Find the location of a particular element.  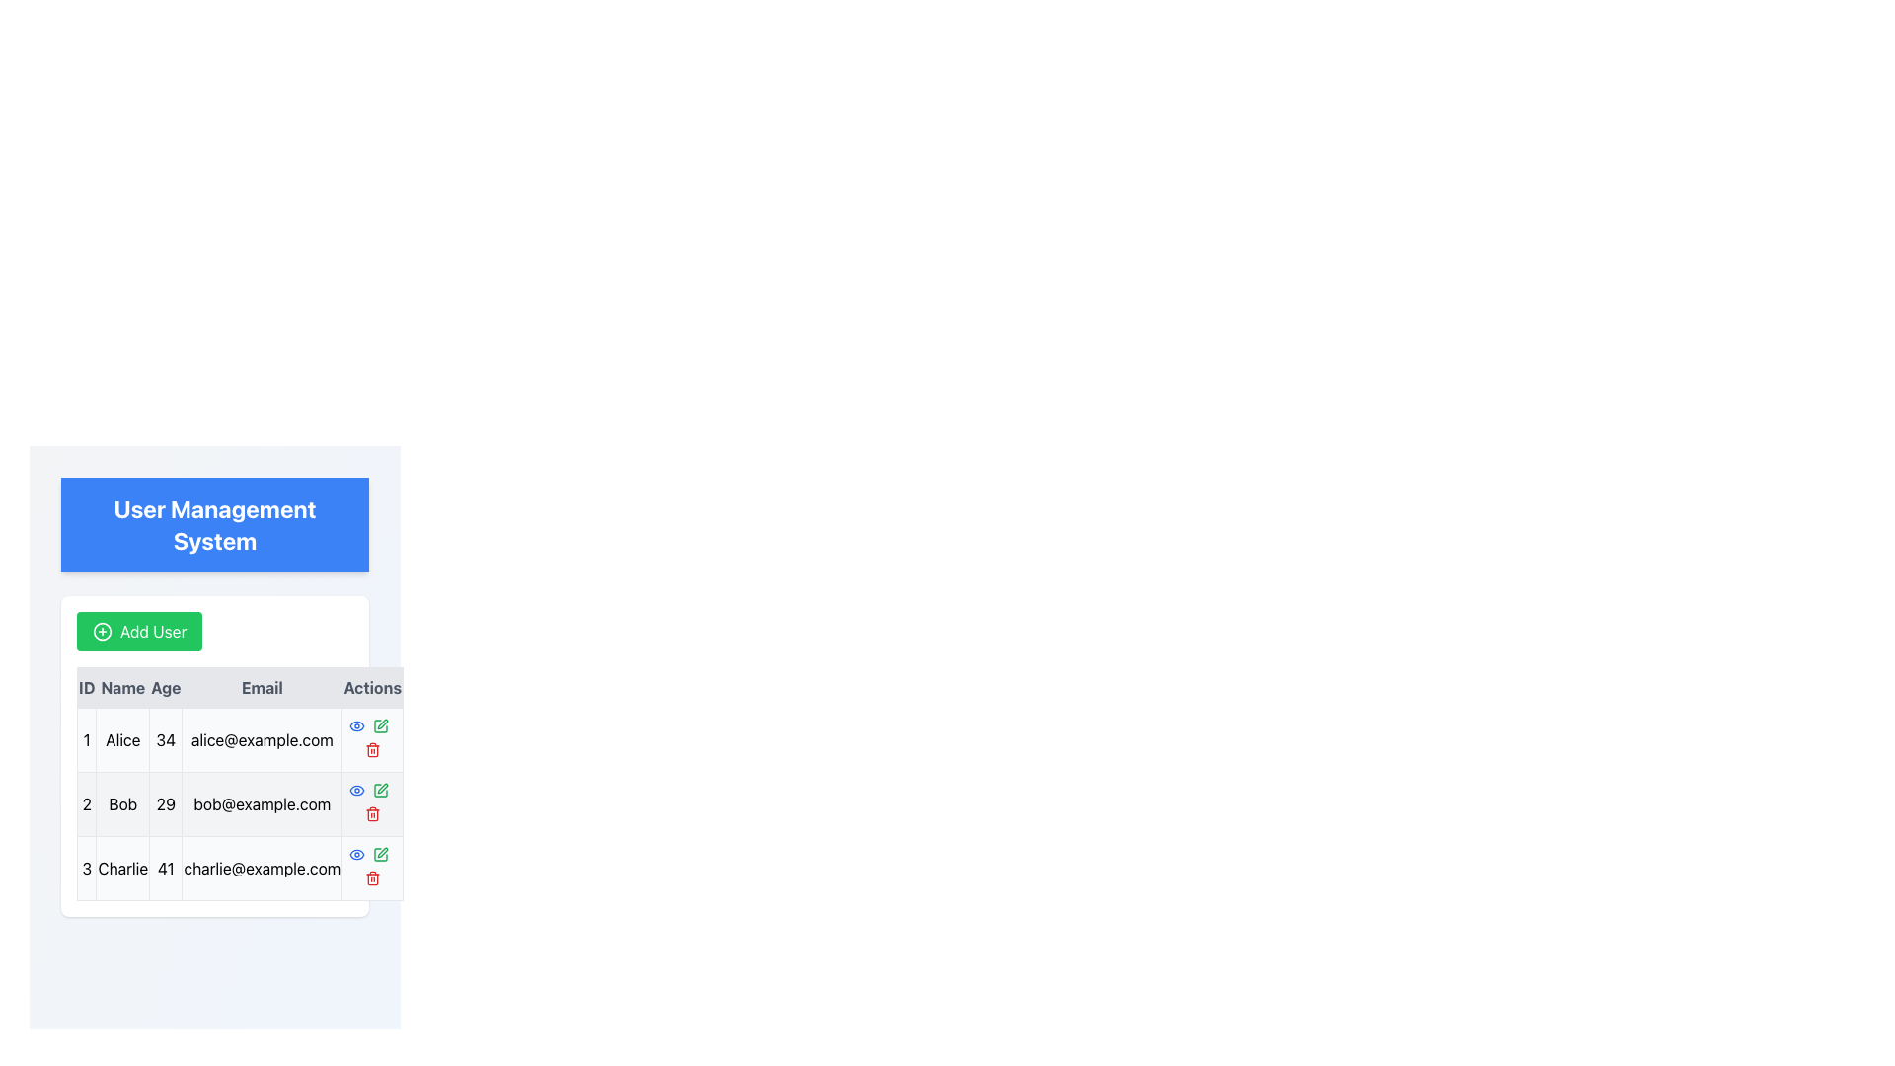

the table cell containing the text '3', located in the leftmost column of the last visible row in the user management table is located at coordinates (86, 867).